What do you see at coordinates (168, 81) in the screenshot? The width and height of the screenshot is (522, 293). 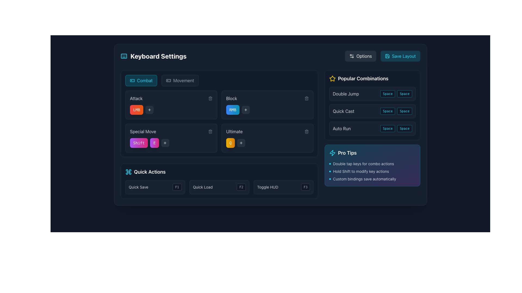 I see `the gamepad icon located within the 'Movement' button in the 'Keyboard Settings' section of the application` at bounding box center [168, 81].